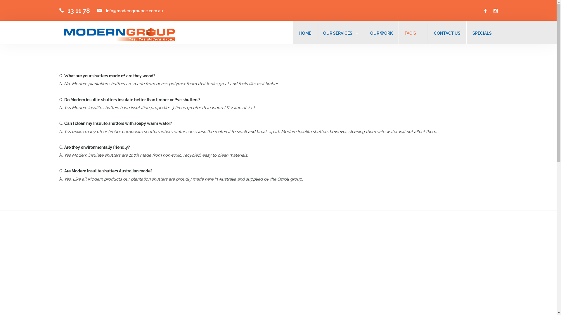  Describe the element at coordinates (338, 33) in the screenshot. I see `'OUR SERVICES'` at that location.